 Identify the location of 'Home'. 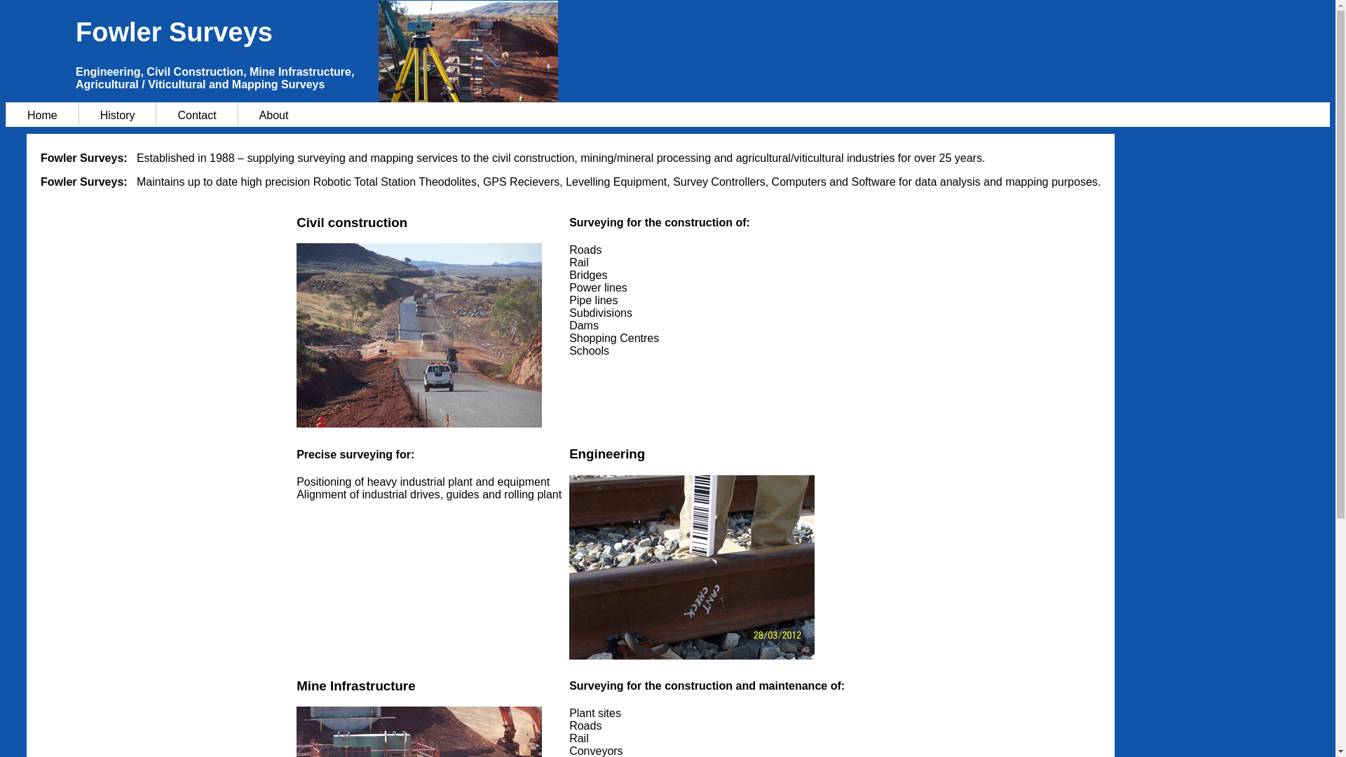
(41, 113).